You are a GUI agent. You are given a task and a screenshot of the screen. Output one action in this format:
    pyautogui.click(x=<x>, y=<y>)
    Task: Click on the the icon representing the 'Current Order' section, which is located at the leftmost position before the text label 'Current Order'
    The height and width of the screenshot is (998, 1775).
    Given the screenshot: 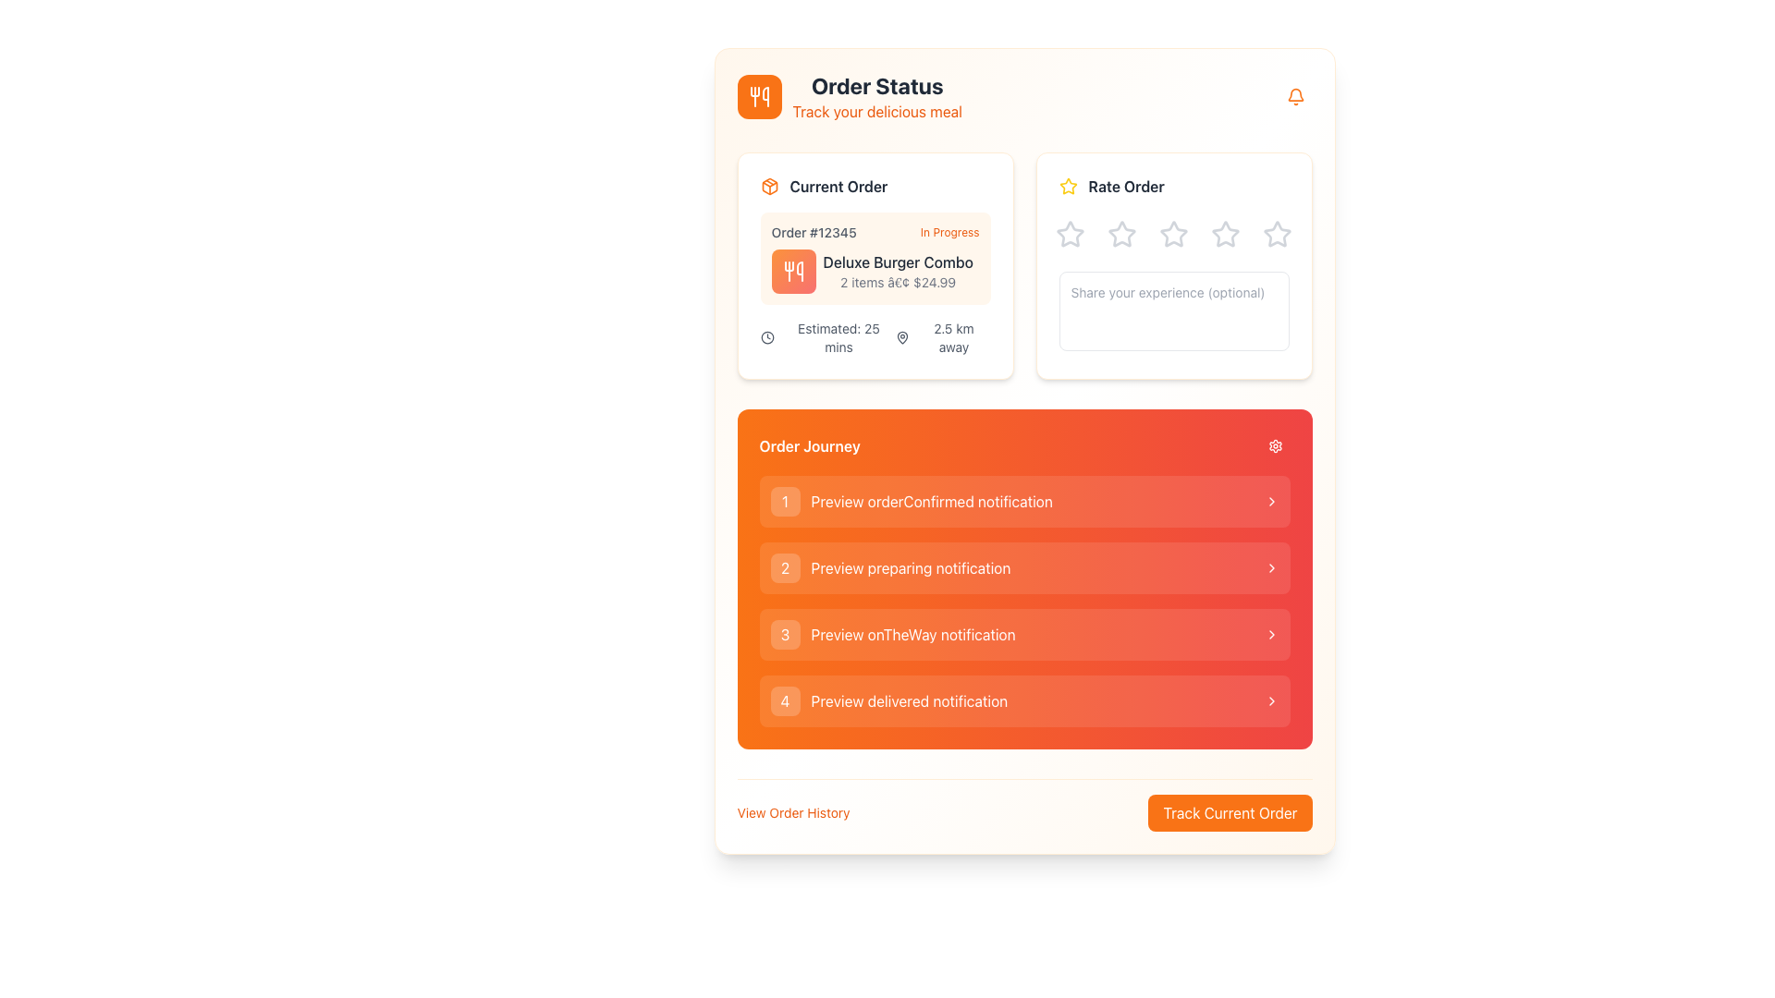 What is the action you would take?
    pyautogui.click(x=769, y=186)
    